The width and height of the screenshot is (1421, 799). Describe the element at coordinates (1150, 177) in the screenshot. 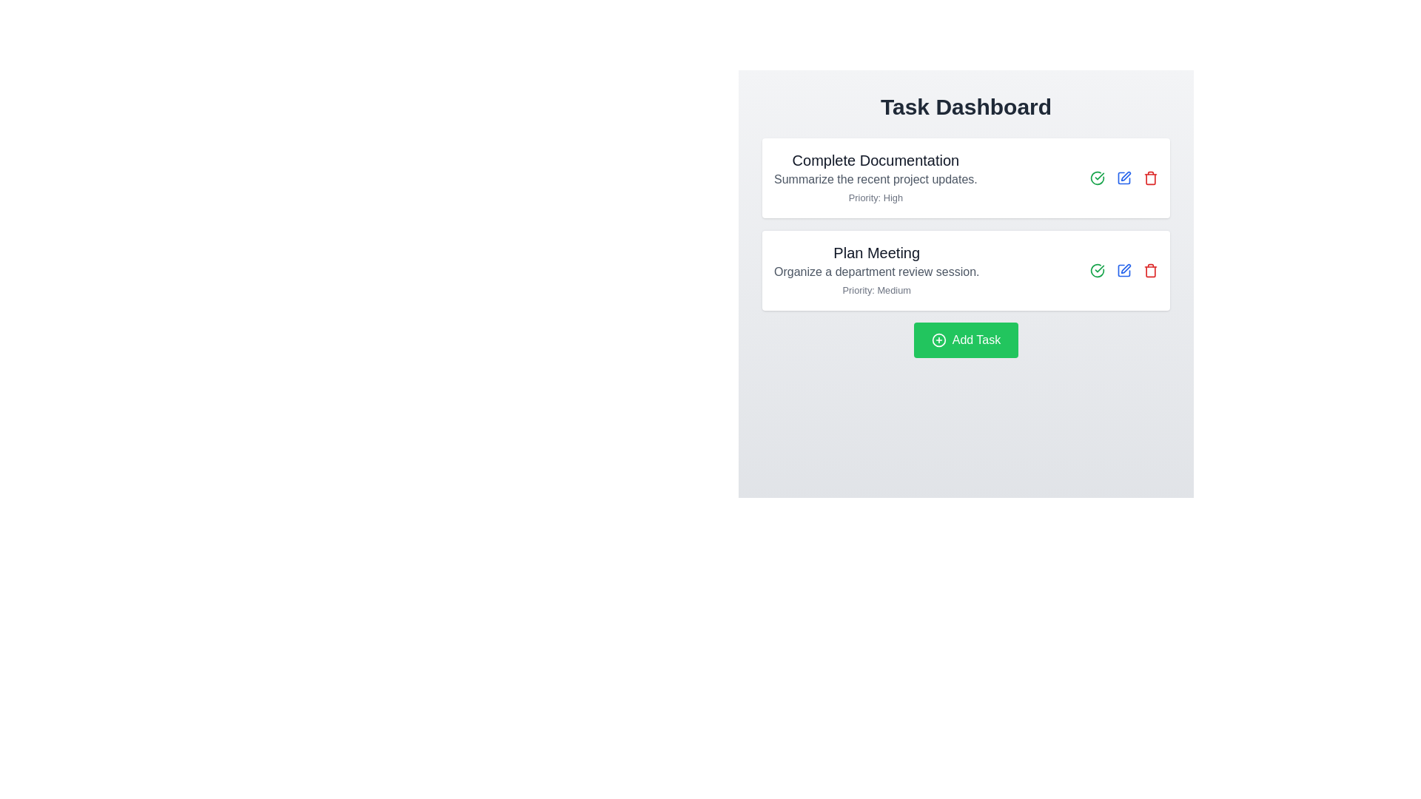

I see `the delete icon, which is the third icon in the horizontal action button group located at the right end of the task item for 'Complete Documentation'` at that location.